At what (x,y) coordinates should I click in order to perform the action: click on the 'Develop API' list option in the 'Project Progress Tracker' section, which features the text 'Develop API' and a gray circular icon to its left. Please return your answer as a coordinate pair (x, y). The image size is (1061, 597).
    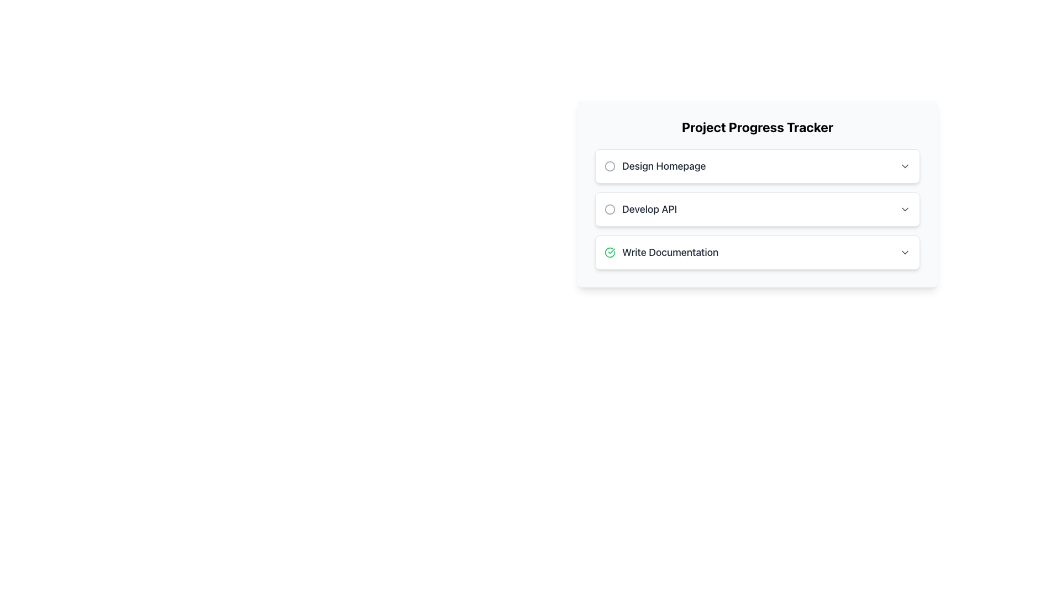
    Looking at the image, I should click on (640, 209).